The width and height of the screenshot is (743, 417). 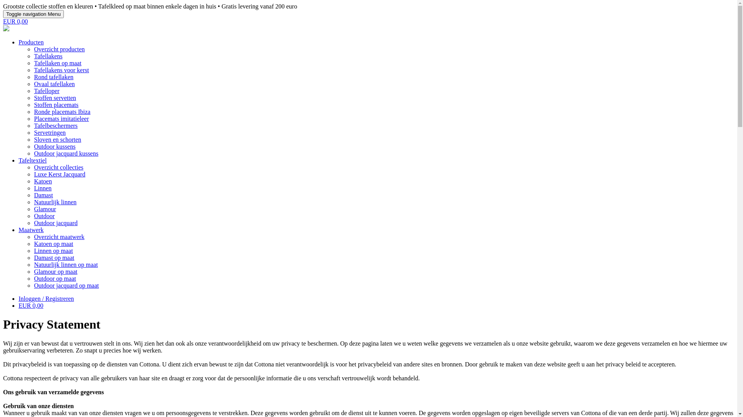 I want to click on 'Tafelbeschermers', so click(x=33, y=125).